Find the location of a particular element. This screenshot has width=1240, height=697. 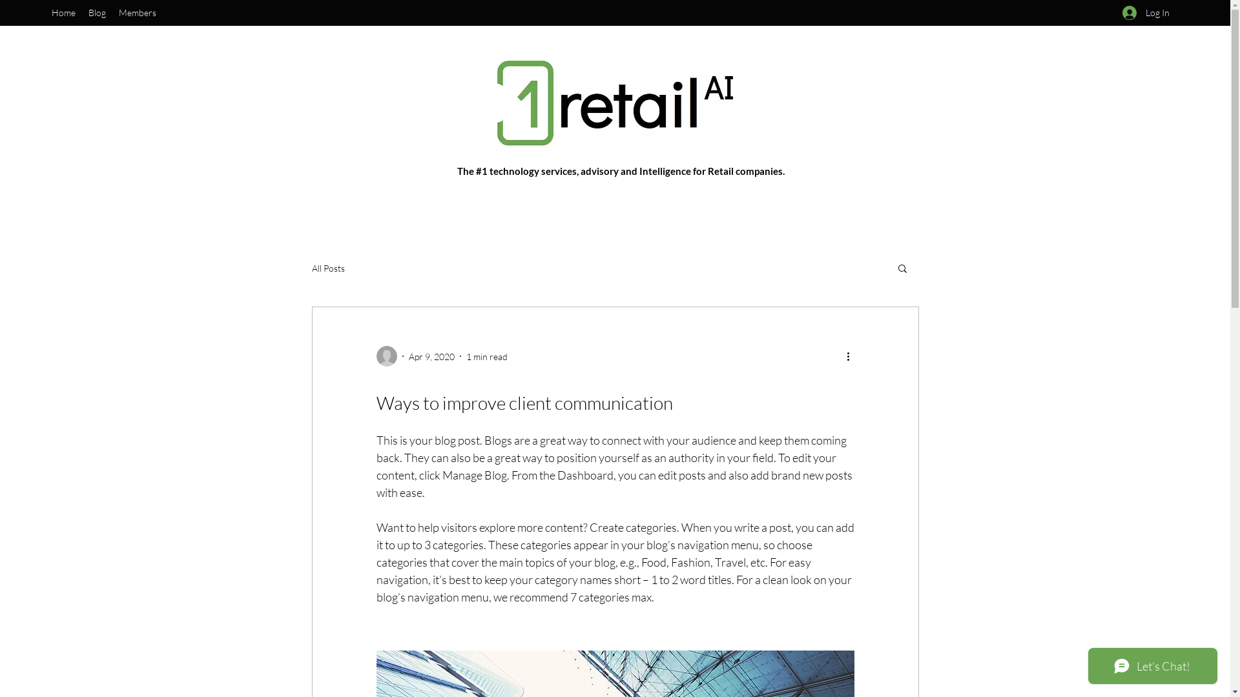

'Blog' is located at coordinates (81, 12).